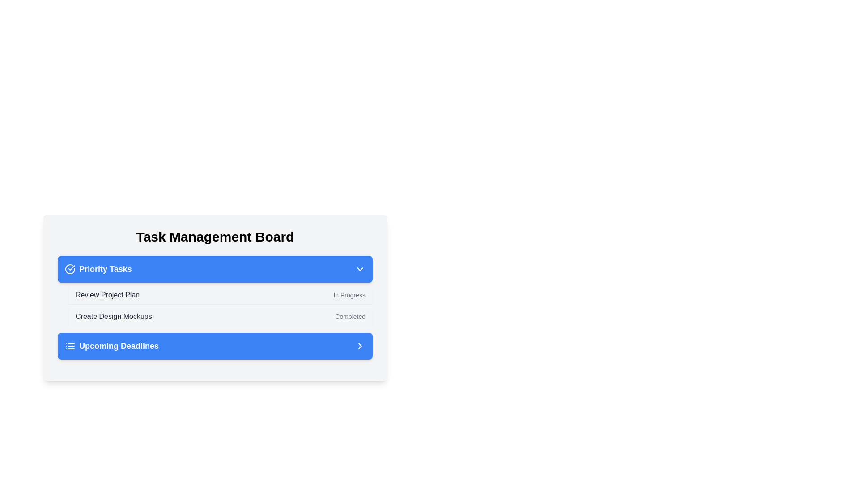 This screenshot has width=859, height=483. What do you see at coordinates (215, 346) in the screenshot?
I see `the 'Upcoming Deadlines' button located` at bounding box center [215, 346].